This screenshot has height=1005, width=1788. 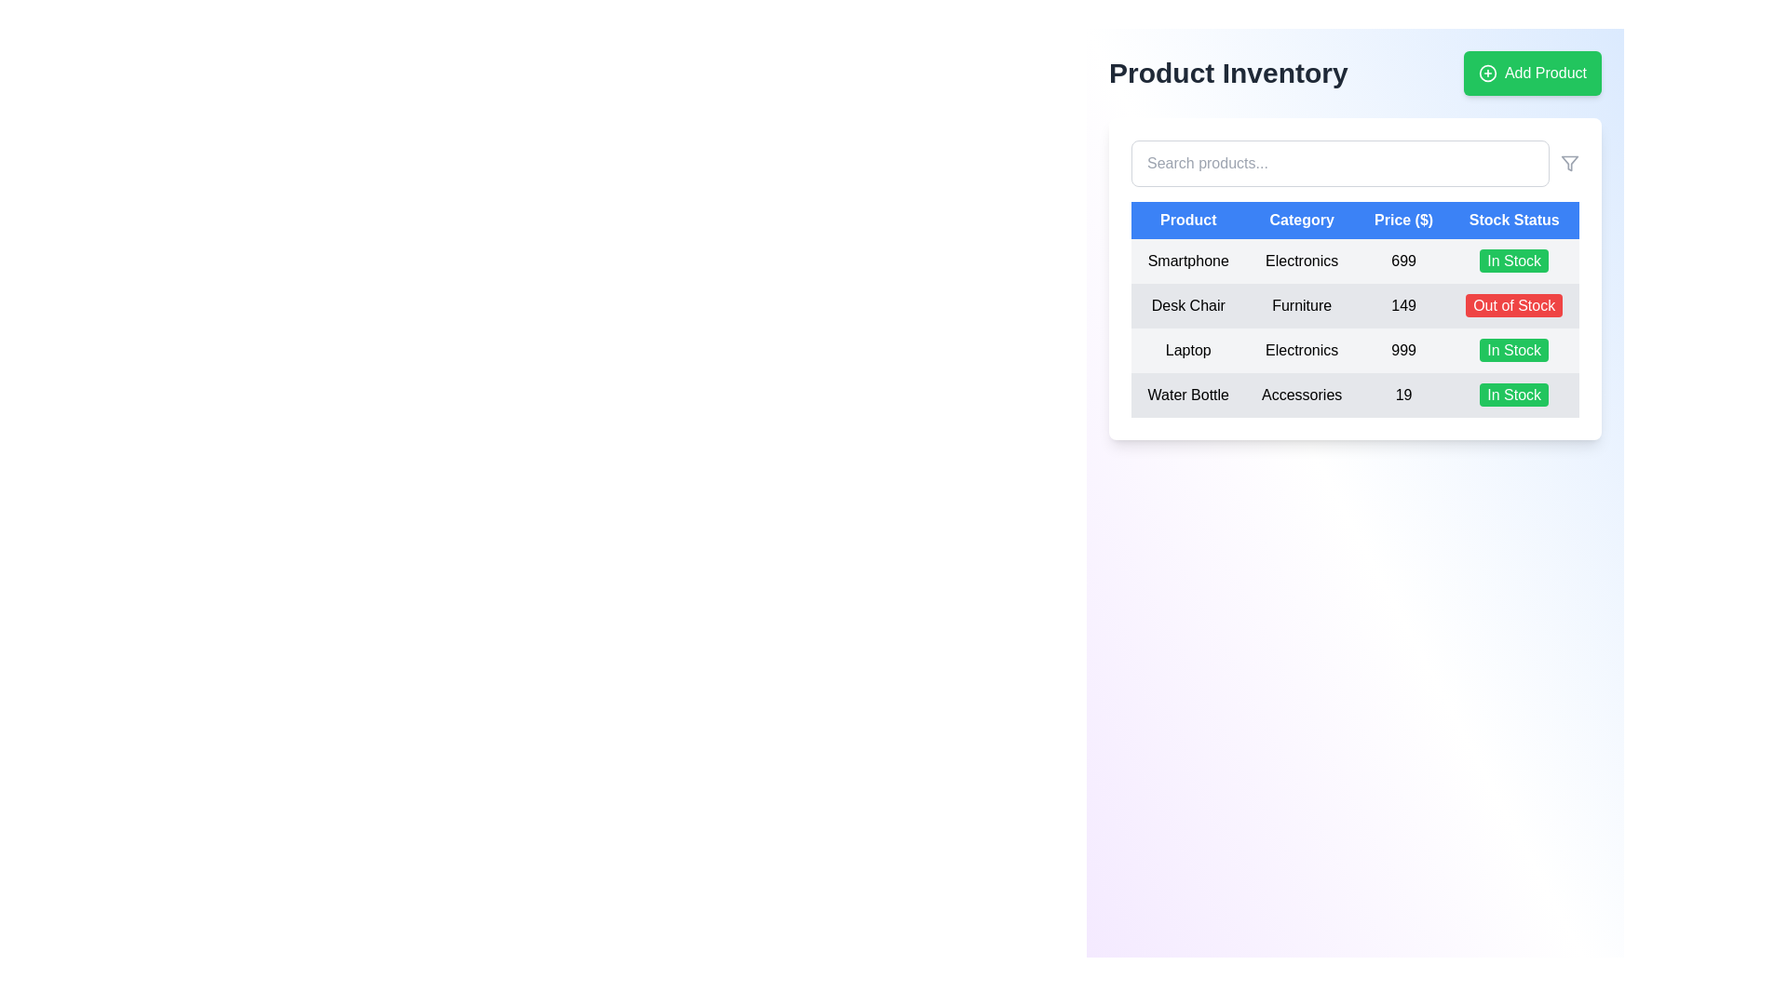 What do you see at coordinates (1301, 351) in the screenshot?
I see `the text label displaying 'Electronics' in the 'Category' column of the product table associated with the product name 'Laptop'` at bounding box center [1301, 351].